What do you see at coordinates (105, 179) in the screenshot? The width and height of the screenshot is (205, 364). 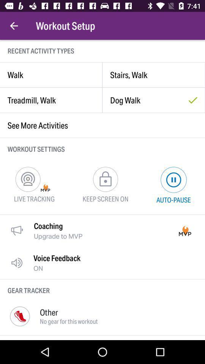 I see `the icon above keep screen on` at bounding box center [105, 179].